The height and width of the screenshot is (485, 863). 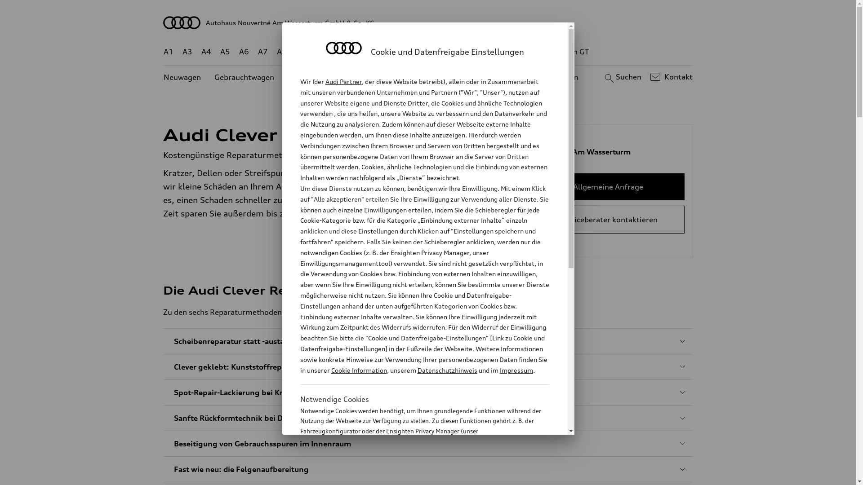 What do you see at coordinates (414, 475) in the screenshot?
I see `'Cookie Information'` at bounding box center [414, 475].